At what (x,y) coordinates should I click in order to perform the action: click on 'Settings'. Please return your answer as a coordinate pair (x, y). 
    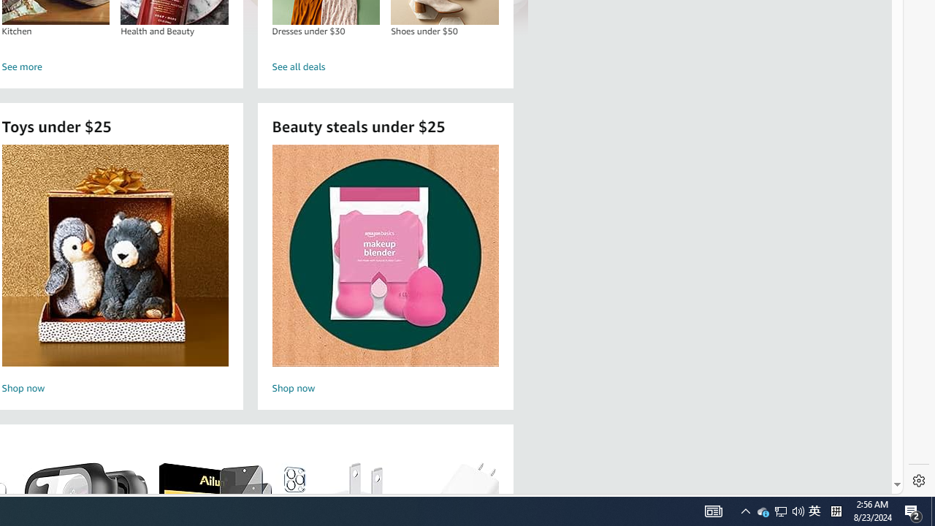
    Looking at the image, I should click on (918, 481).